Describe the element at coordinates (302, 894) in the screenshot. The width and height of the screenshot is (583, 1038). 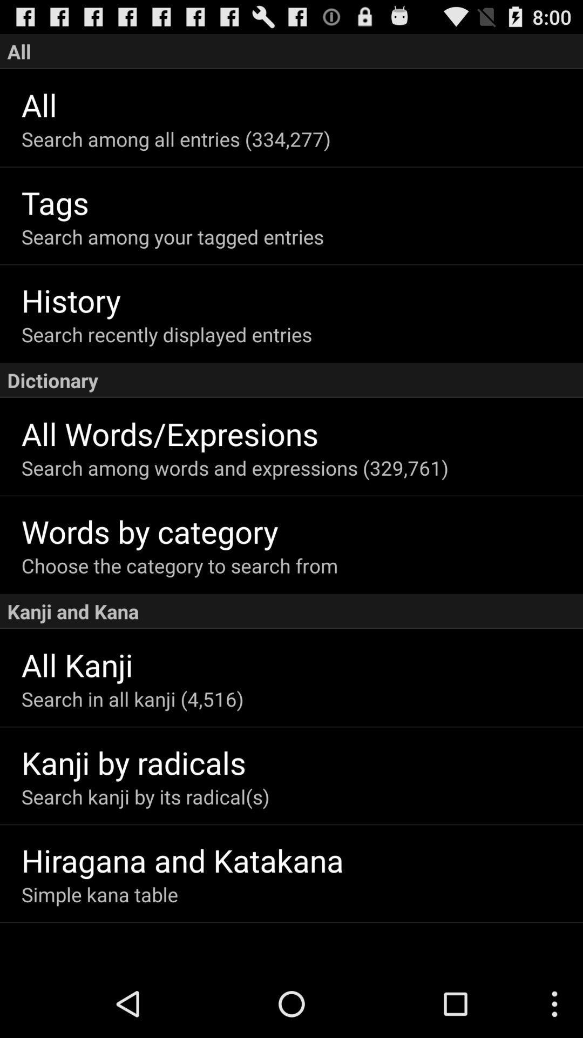
I see `the simple kana table app` at that location.